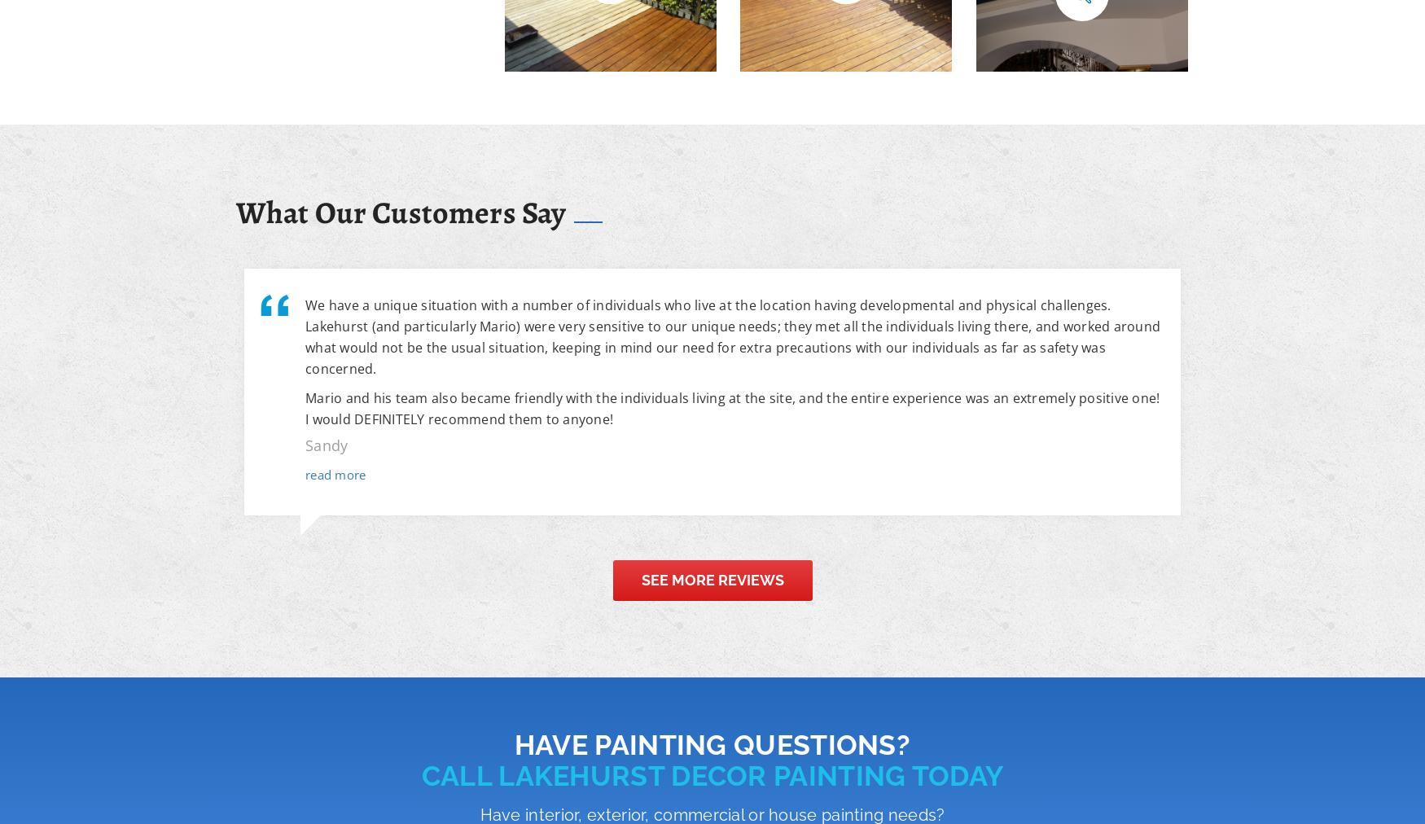 This screenshot has height=824, width=1425. I want to click on 'What Our Customers Say', so click(401, 211).